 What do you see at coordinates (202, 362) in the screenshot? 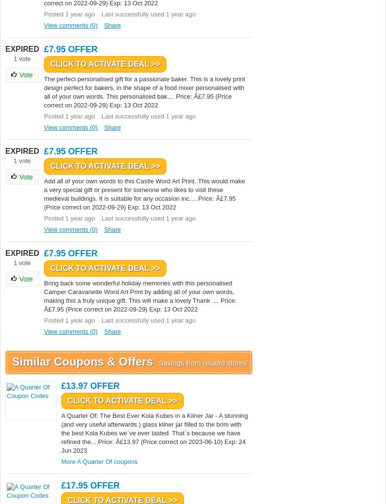
I see `'Savings from related stores'` at bounding box center [202, 362].